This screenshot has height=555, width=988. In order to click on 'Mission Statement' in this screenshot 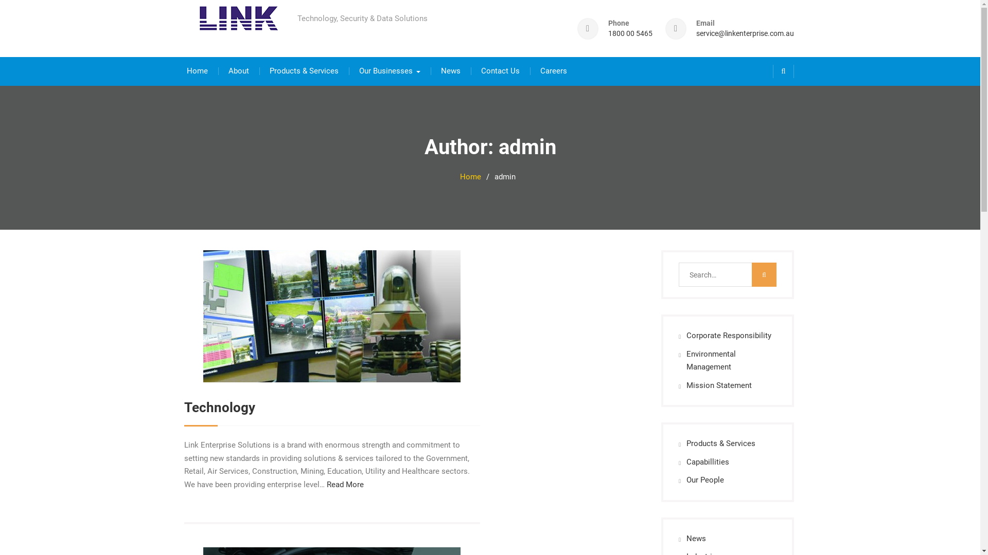, I will do `click(718, 385)`.